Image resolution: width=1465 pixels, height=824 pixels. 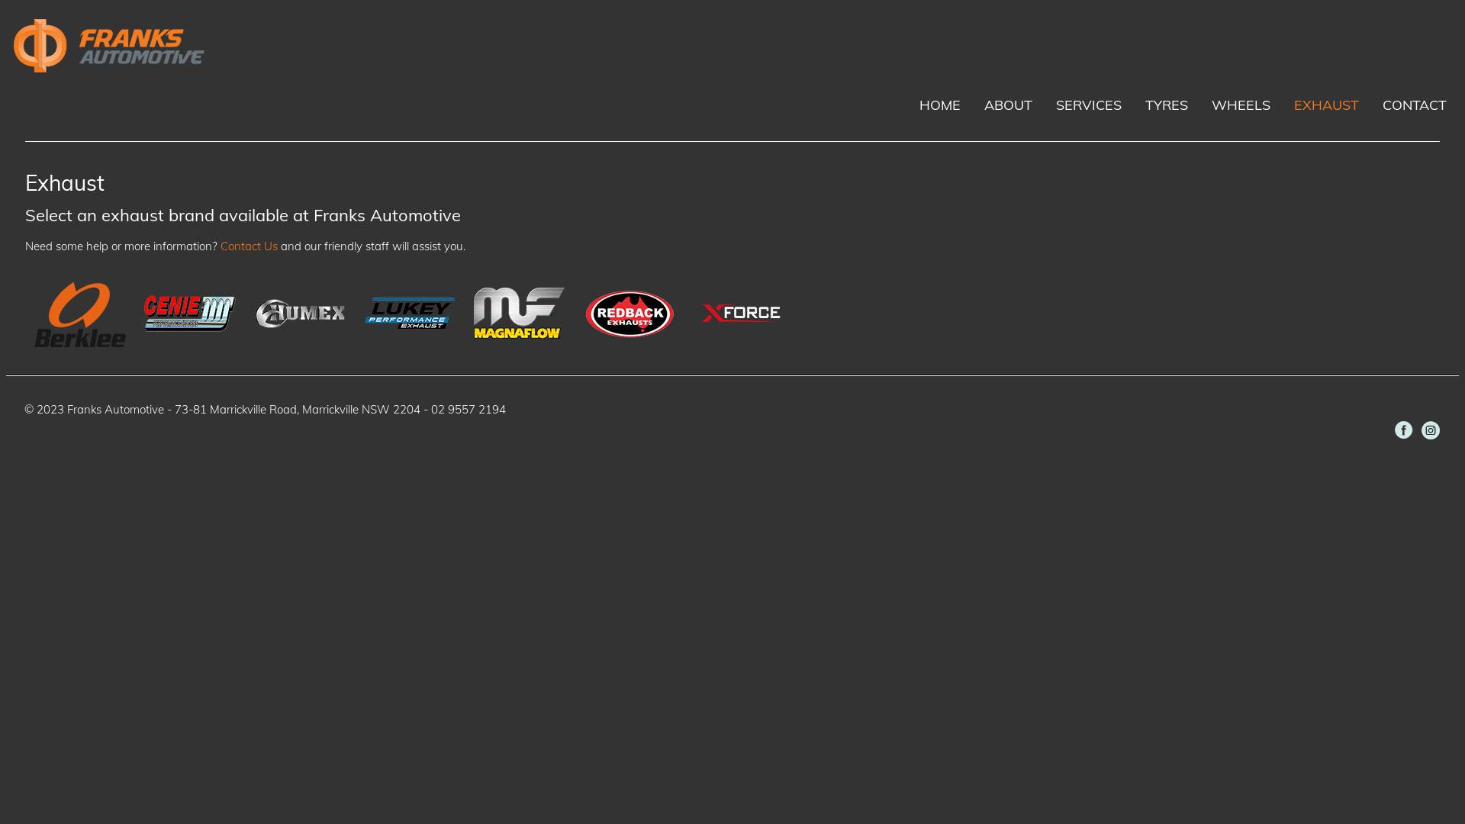 What do you see at coordinates (1430, 430) in the screenshot?
I see `'Instagram'` at bounding box center [1430, 430].